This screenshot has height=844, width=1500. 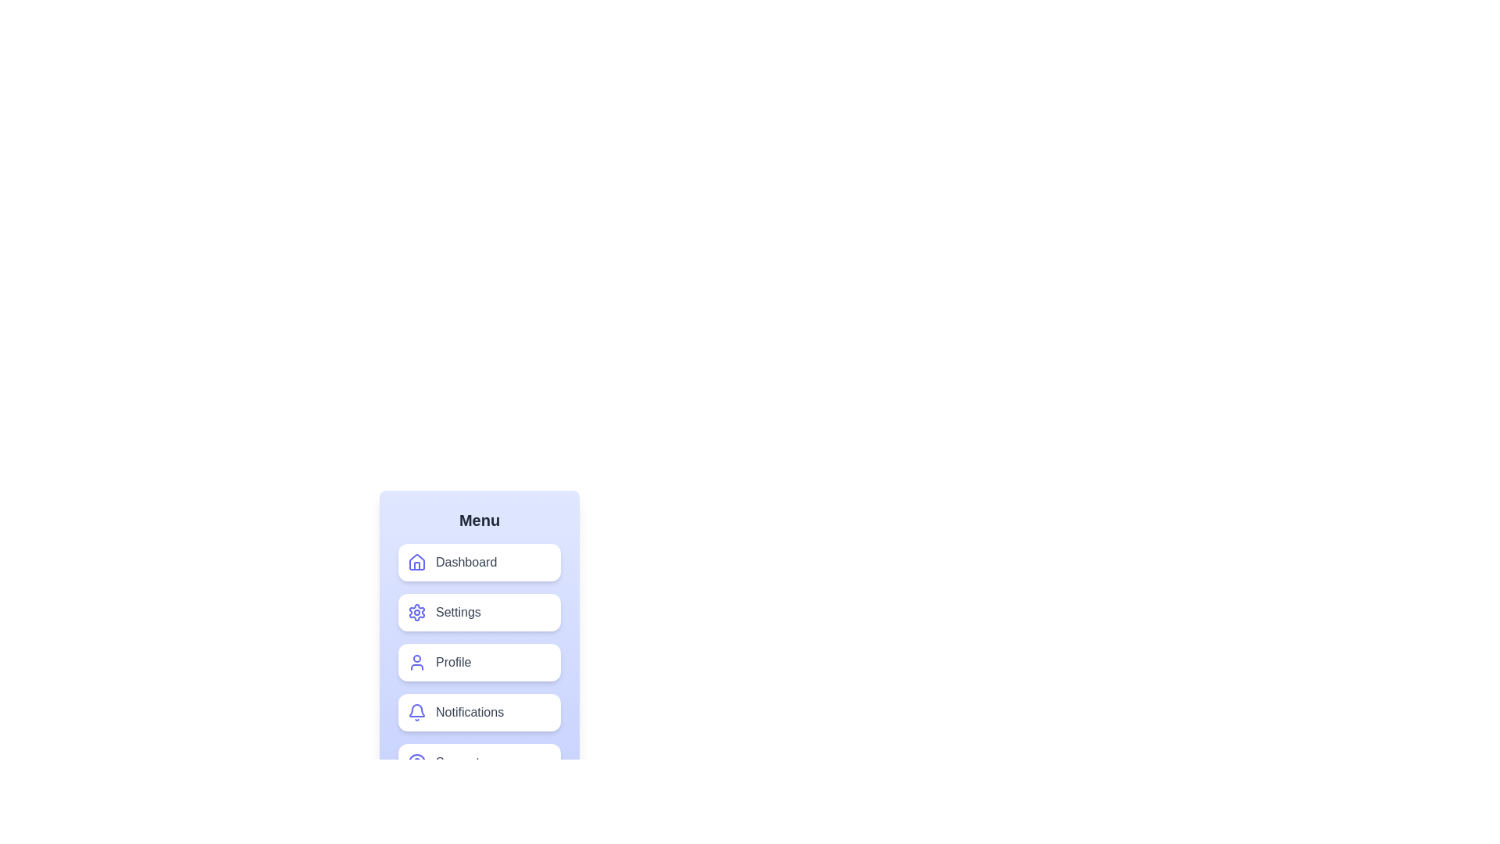 I want to click on the third navigation button in the vertically stacked menu list to change its color, so click(x=479, y=663).